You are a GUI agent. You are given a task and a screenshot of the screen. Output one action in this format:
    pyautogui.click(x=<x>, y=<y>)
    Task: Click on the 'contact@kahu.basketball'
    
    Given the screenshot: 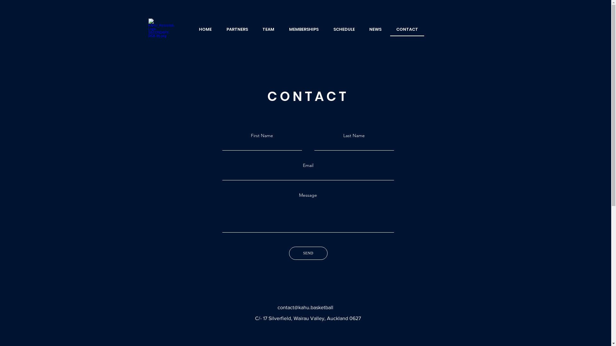 What is the action you would take?
    pyautogui.click(x=305, y=307)
    